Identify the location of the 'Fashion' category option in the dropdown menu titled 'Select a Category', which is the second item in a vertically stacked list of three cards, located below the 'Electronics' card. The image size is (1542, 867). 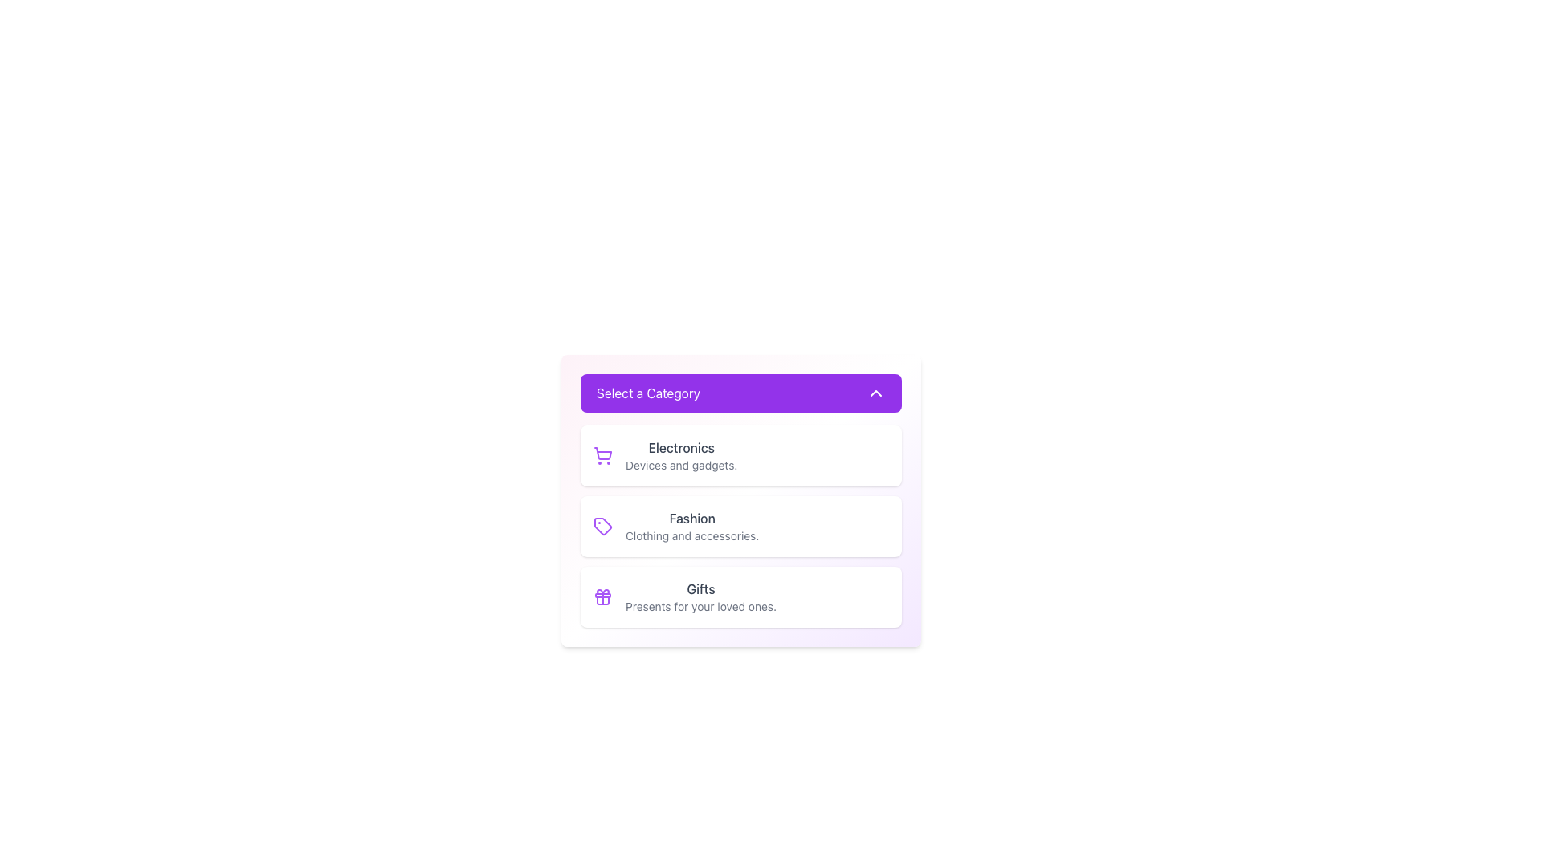
(740, 526).